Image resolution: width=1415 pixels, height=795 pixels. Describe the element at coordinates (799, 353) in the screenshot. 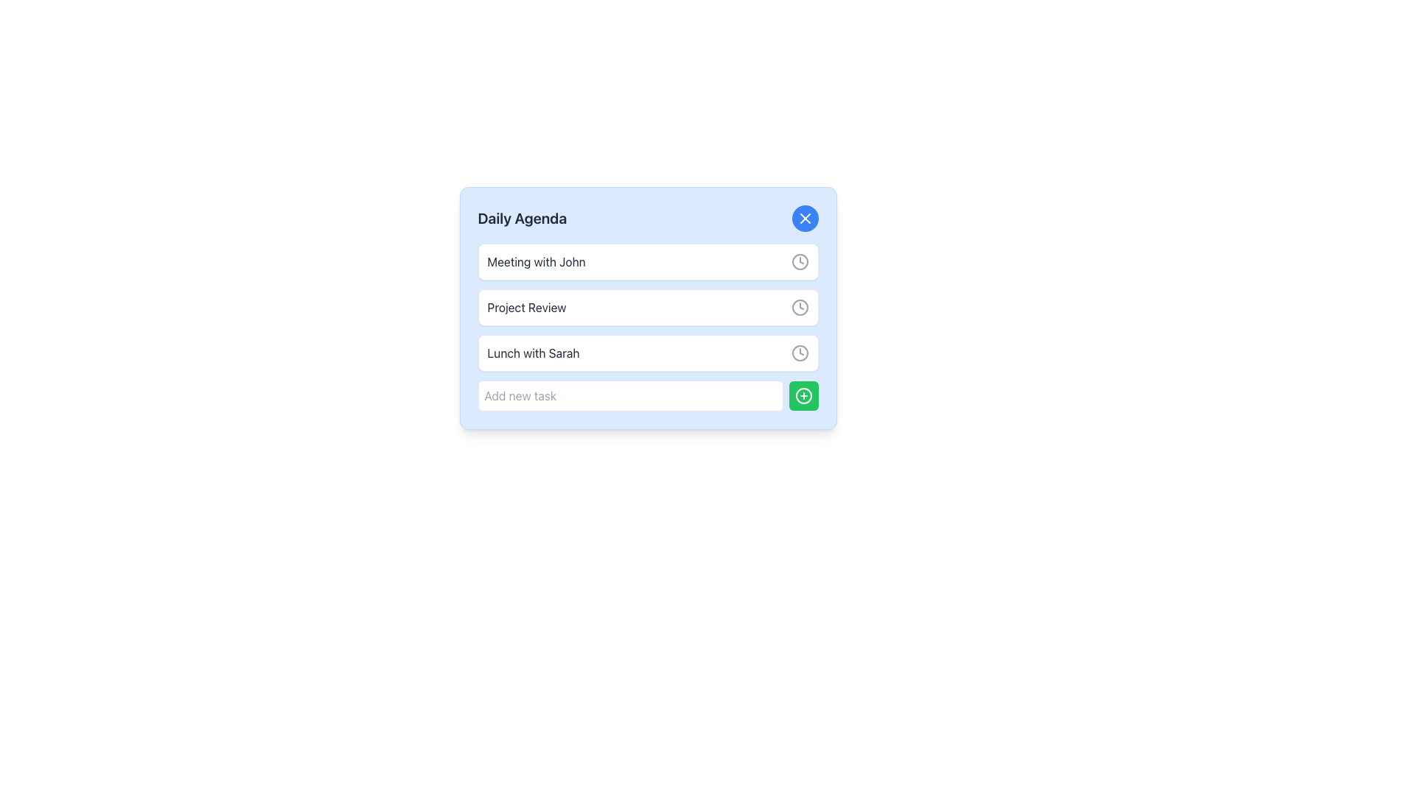

I see `the Clock icon located at the right end of the 'Lunch with Sarah' task box to set a reminder or open a time selection dialog` at that location.